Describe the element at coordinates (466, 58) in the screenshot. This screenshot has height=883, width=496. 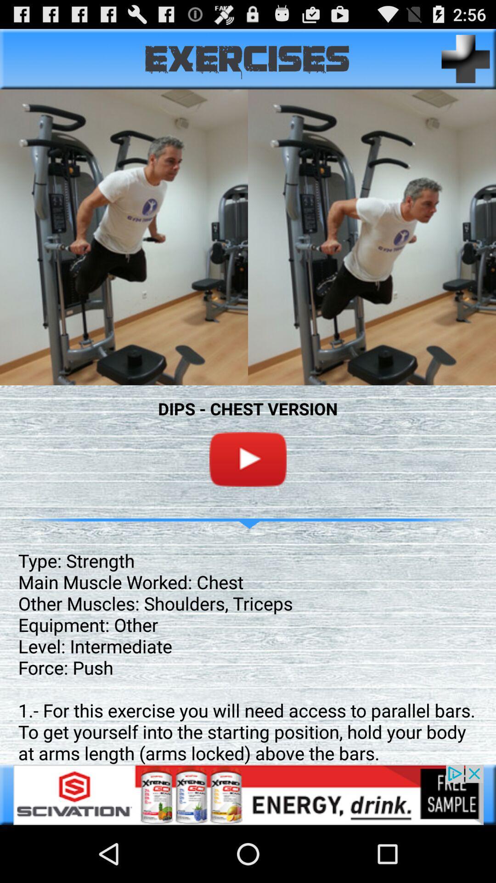
I see `upload button` at that location.